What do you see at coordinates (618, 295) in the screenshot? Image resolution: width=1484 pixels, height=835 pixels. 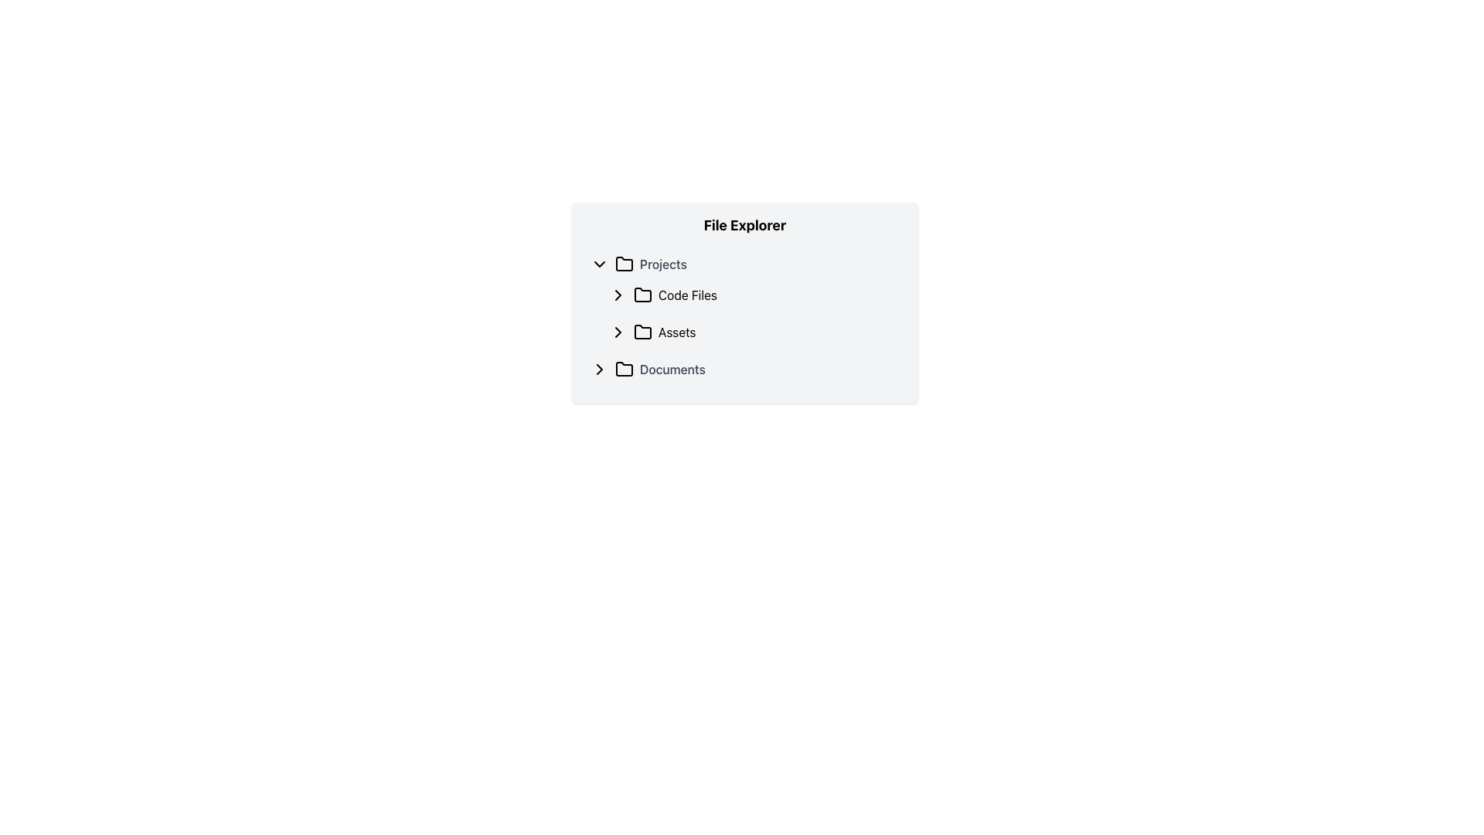 I see `the chevron icon` at bounding box center [618, 295].